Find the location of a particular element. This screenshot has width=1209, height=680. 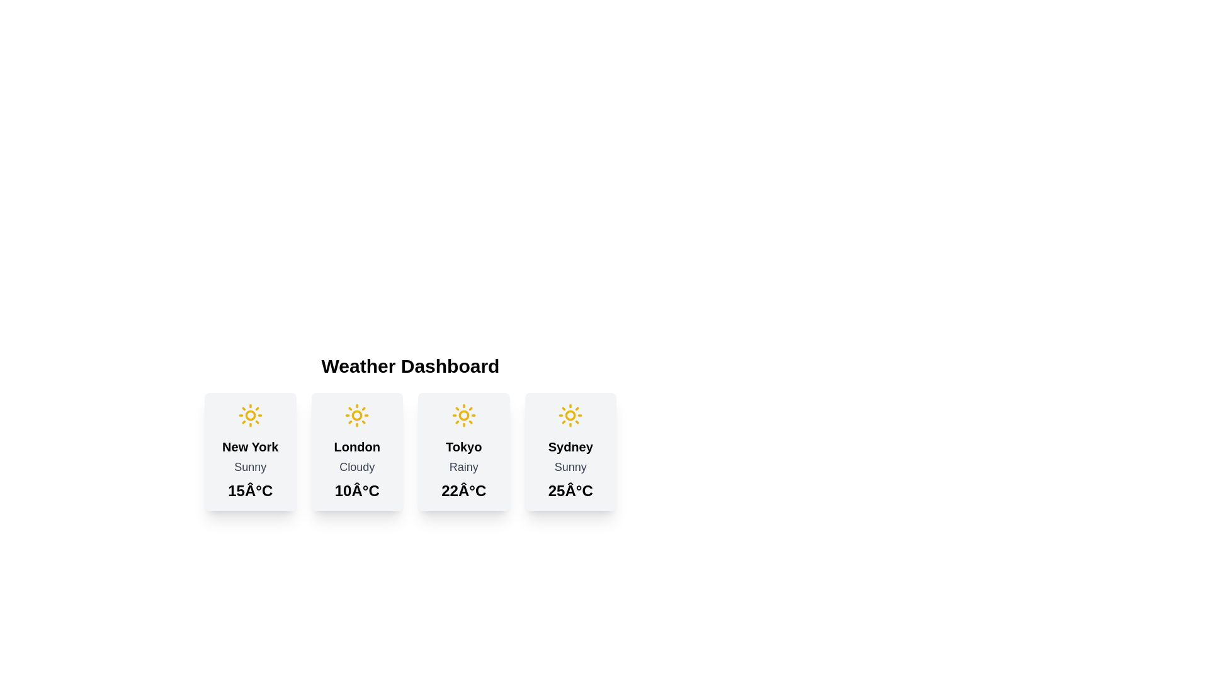

the bold text label displaying '25Â°C' at the bottom of the Sydney weather card is located at coordinates (570, 490).